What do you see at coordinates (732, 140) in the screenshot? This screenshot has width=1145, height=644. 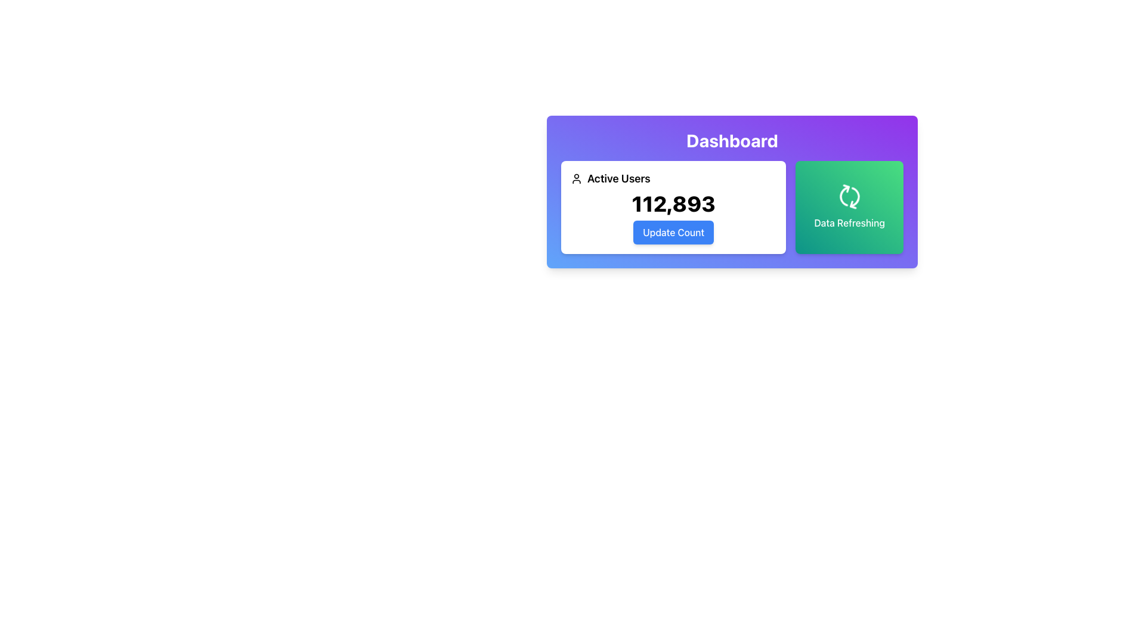 I see `the 'Dashboard' title text, which is prominently displayed in a large, bold, white sans-serif font against a gradient background` at bounding box center [732, 140].